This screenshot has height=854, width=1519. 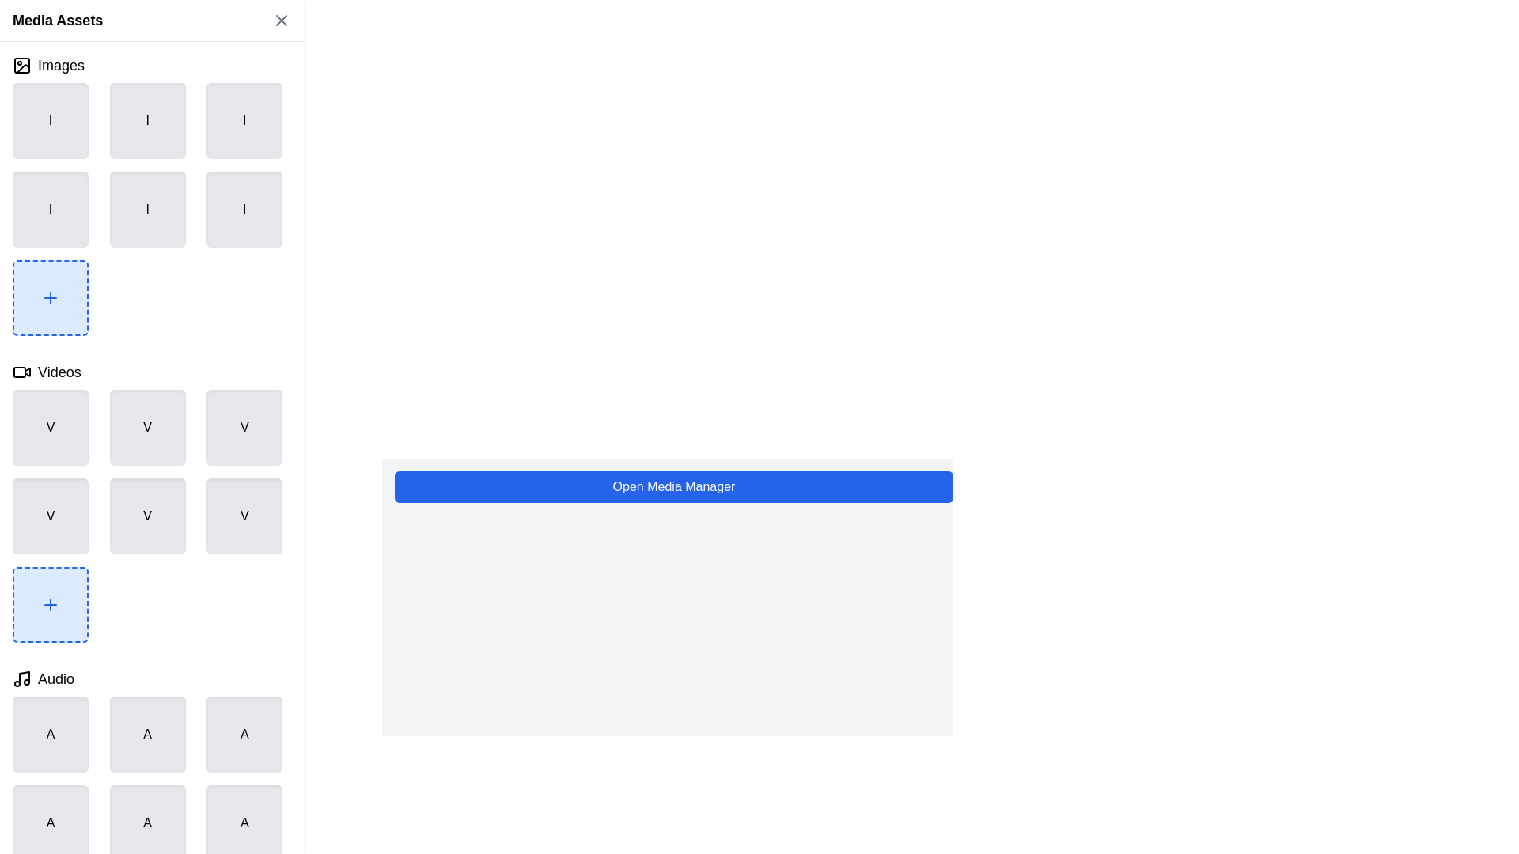 I want to click on the Display item placeholder located in the top-left corner of the grid layout, which represents an item in the first row and first column, so click(x=50, y=120).